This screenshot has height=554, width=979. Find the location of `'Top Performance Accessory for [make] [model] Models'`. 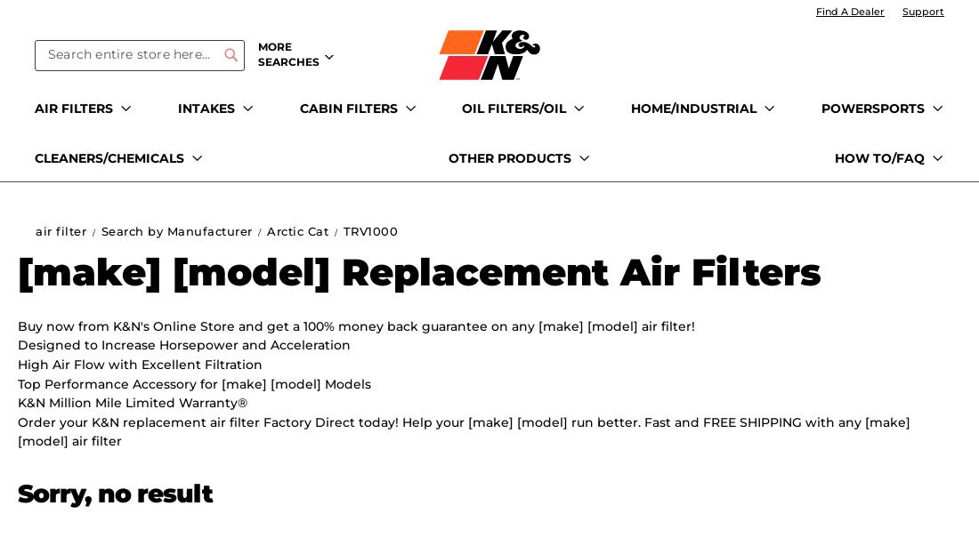

'Top Performance Accessory for [make] [model] Models' is located at coordinates (17, 382).